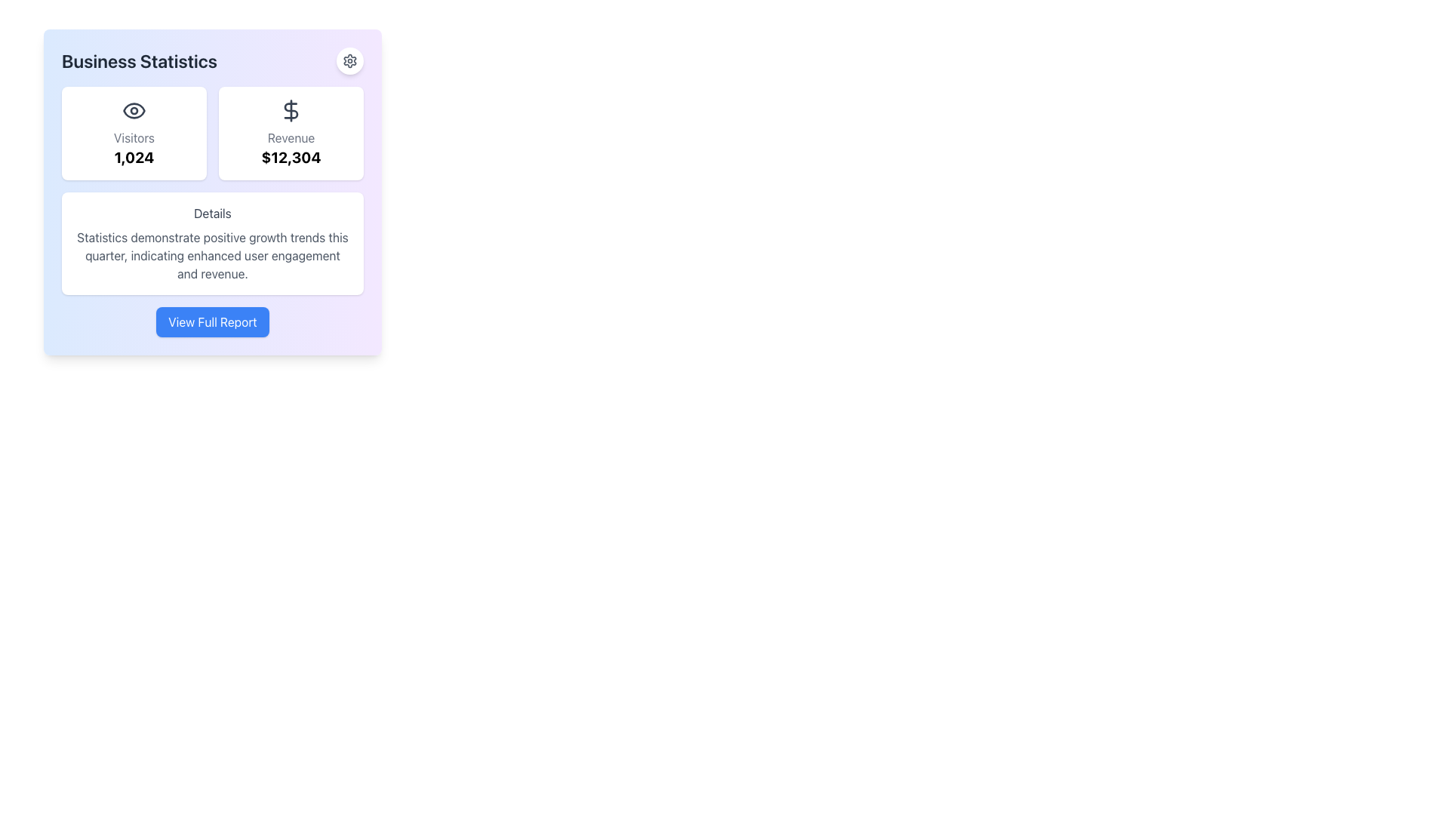  Describe the element at coordinates (134, 137) in the screenshot. I see `the text label that provides a description for the numerical statistic displayed below it, which is centrally aligned above the bold numeric statistic '1,024' within the statistics card` at that location.